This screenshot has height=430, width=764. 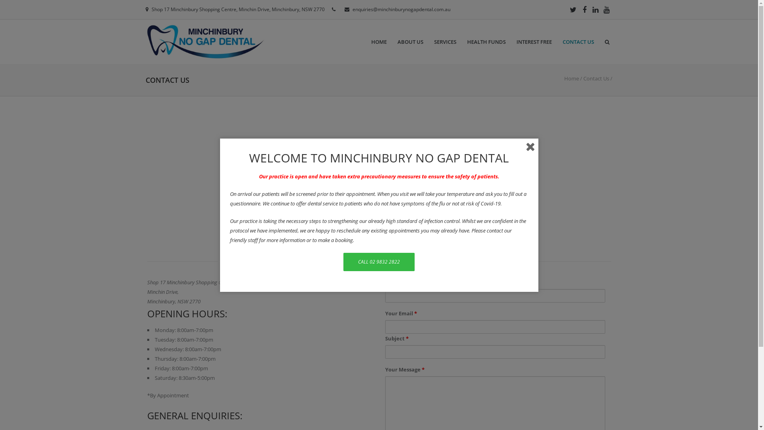 I want to click on 'ABOUT US', so click(x=410, y=42).